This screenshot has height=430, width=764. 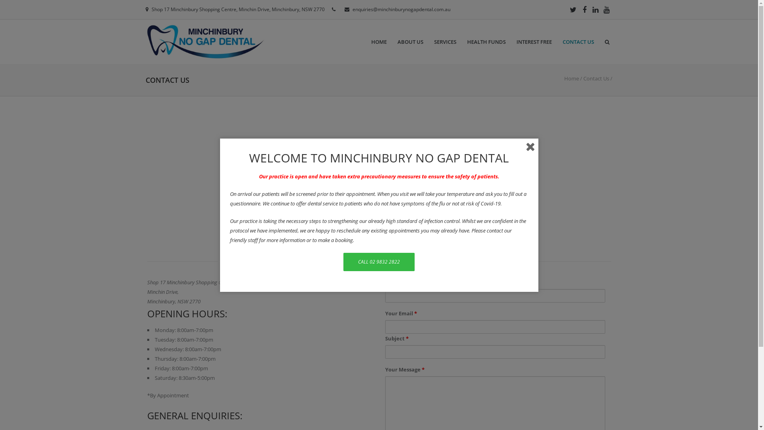 I want to click on 'ABOUT US', so click(x=410, y=42).